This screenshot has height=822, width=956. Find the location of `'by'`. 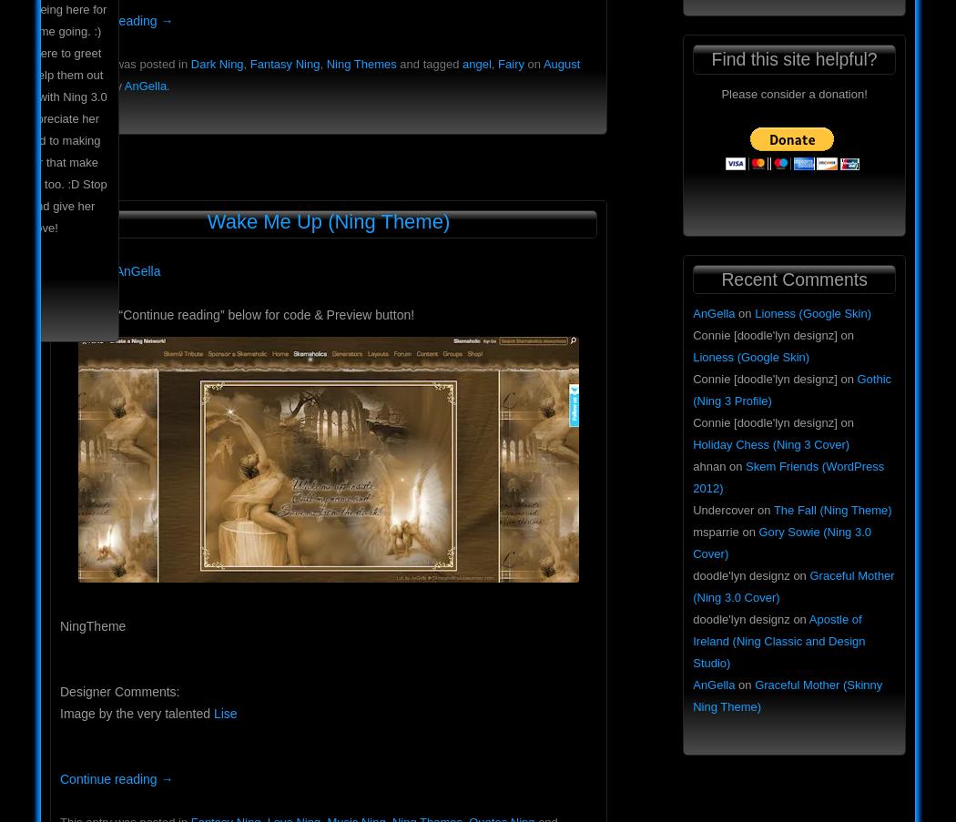

'by' is located at coordinates (114, 85).